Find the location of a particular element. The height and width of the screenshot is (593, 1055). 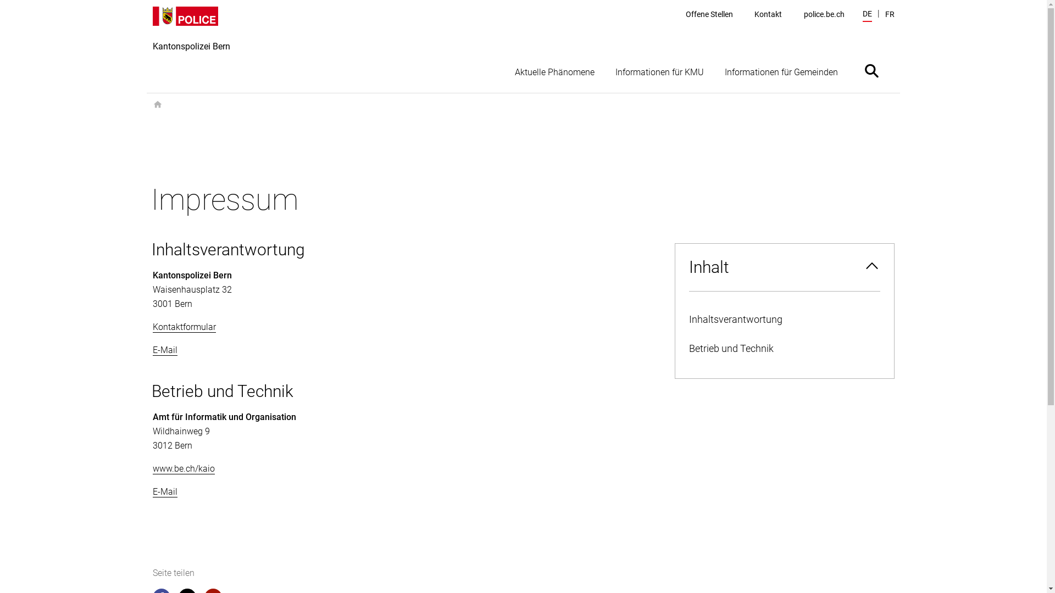

'Betrieb und Technik' is located at coordinates (783, 349).